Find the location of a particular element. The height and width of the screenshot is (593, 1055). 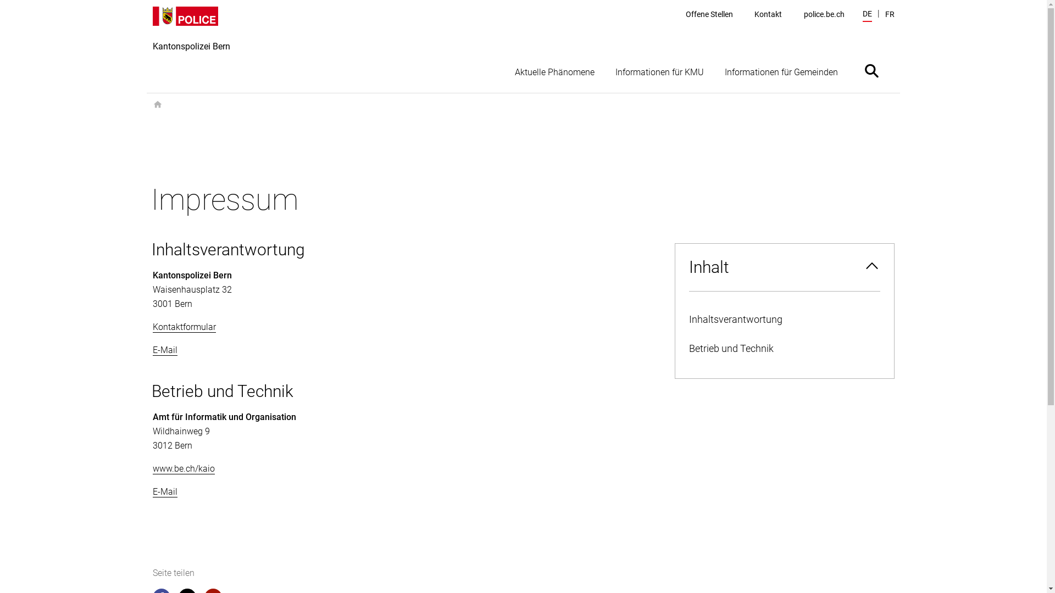

'Betrieb und Technik' is located at coordinates (783, 349).